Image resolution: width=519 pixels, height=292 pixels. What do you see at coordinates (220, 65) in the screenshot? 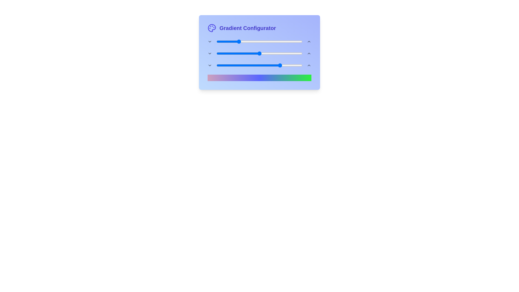
I see `the end gradient slider to 4` at bounding box center [220, 65].